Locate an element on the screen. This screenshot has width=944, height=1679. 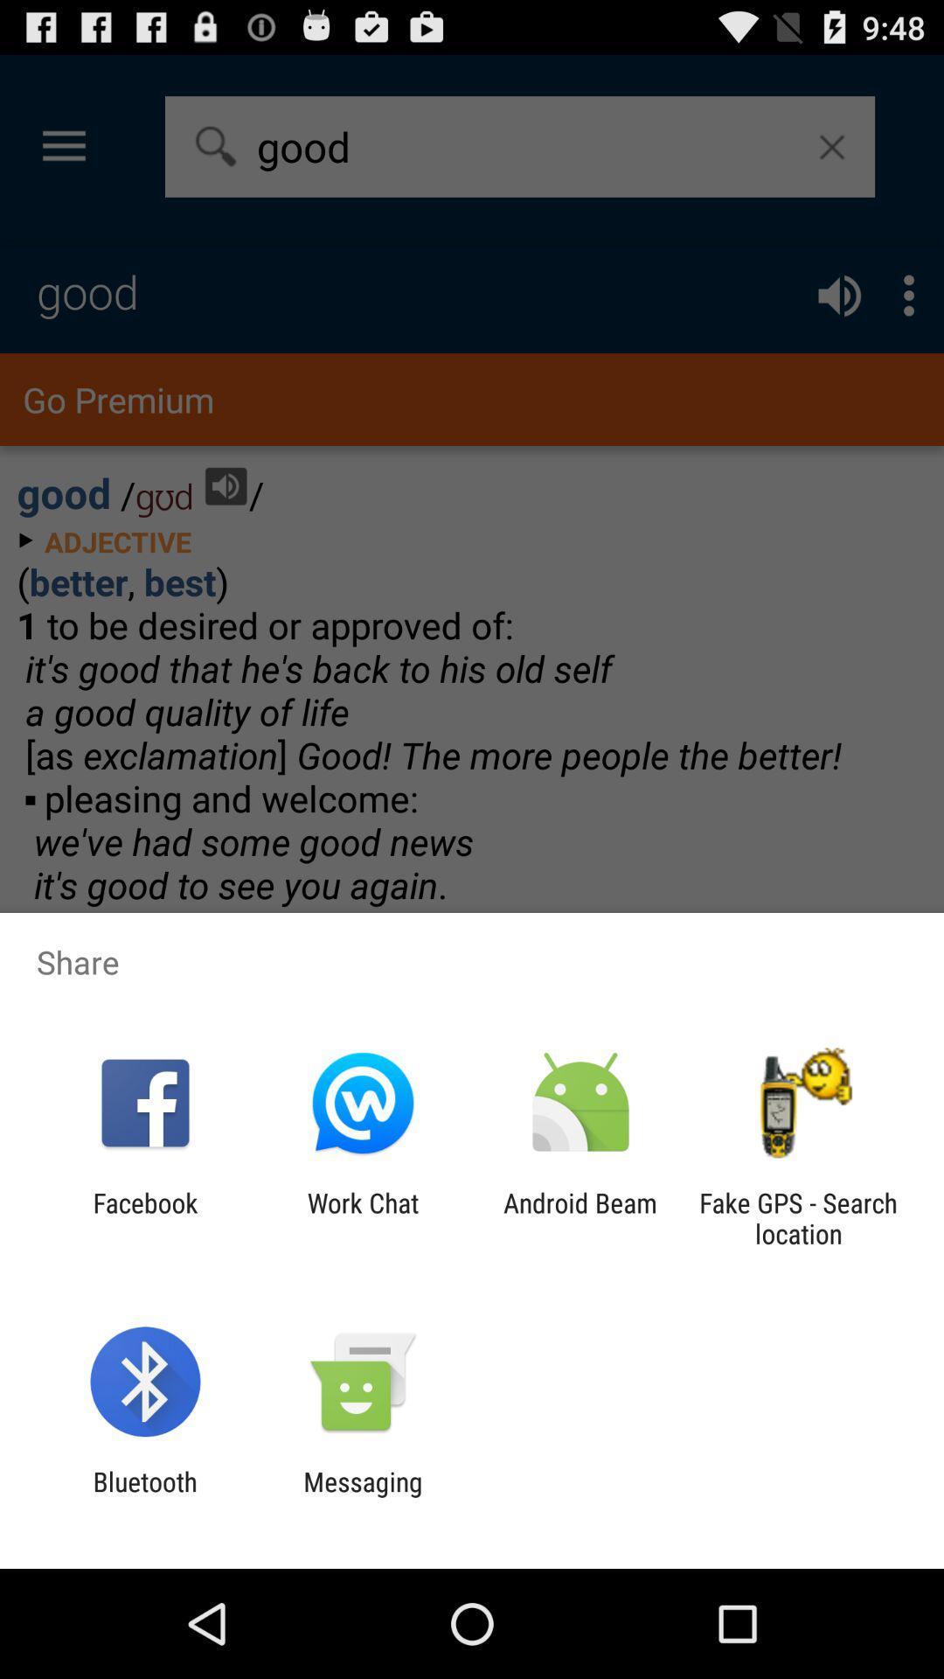
the bluetooth icon is located at coordinates (144, 1496).